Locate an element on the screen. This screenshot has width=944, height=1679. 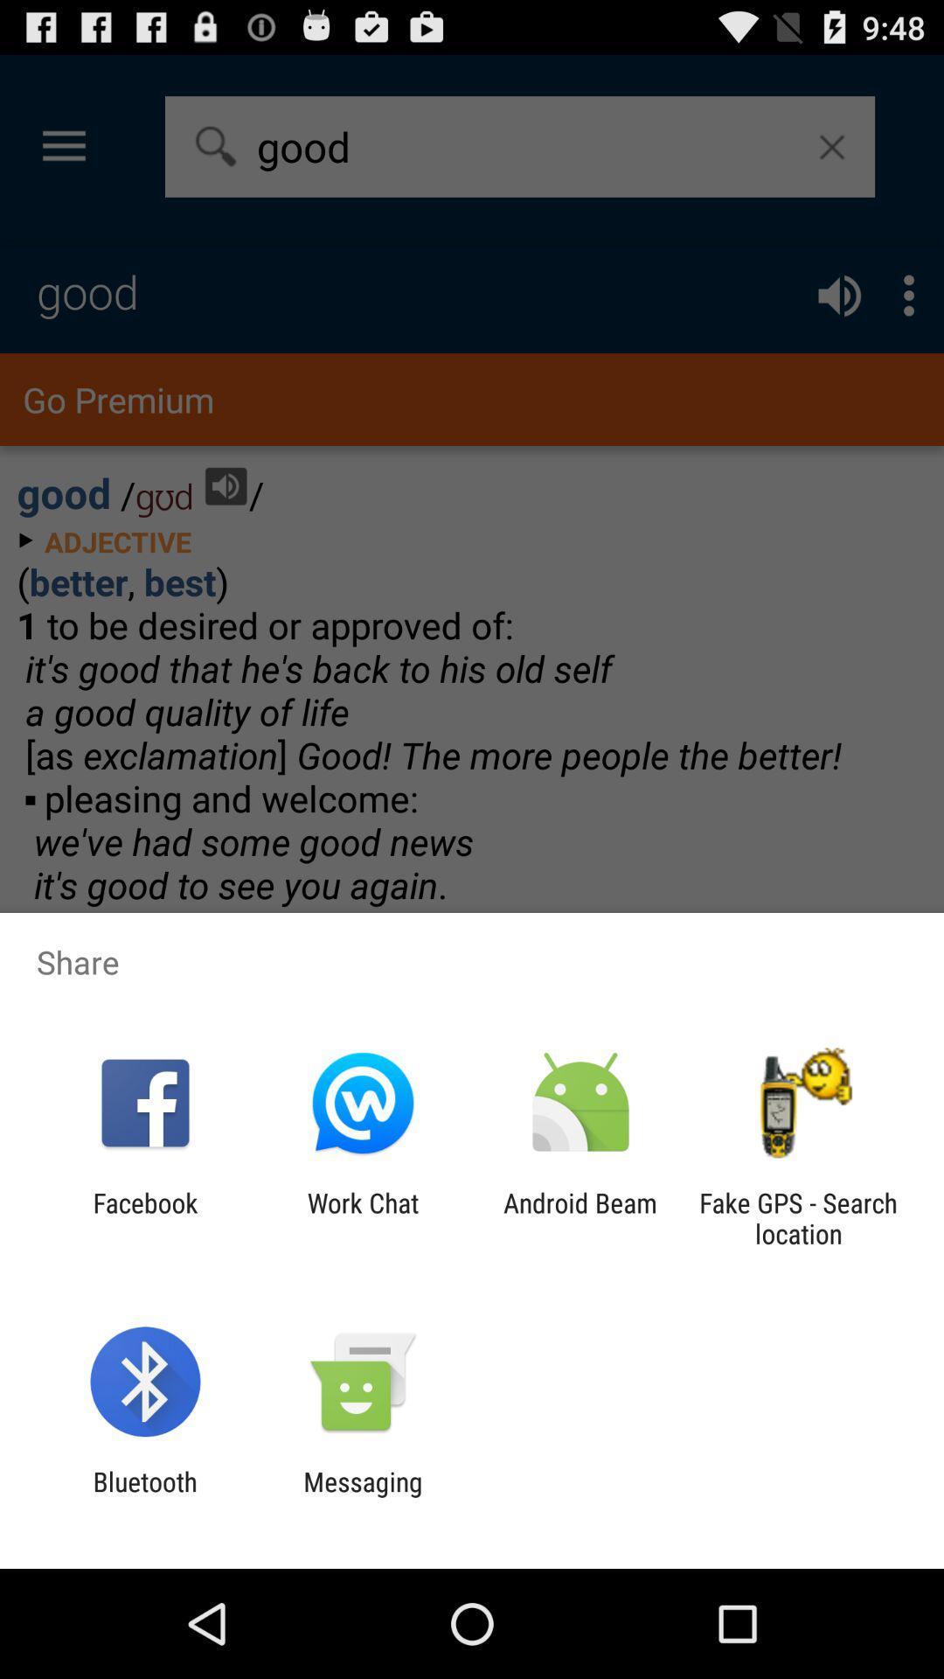
the bluetooth icon is located at coordinates (144, 1496).